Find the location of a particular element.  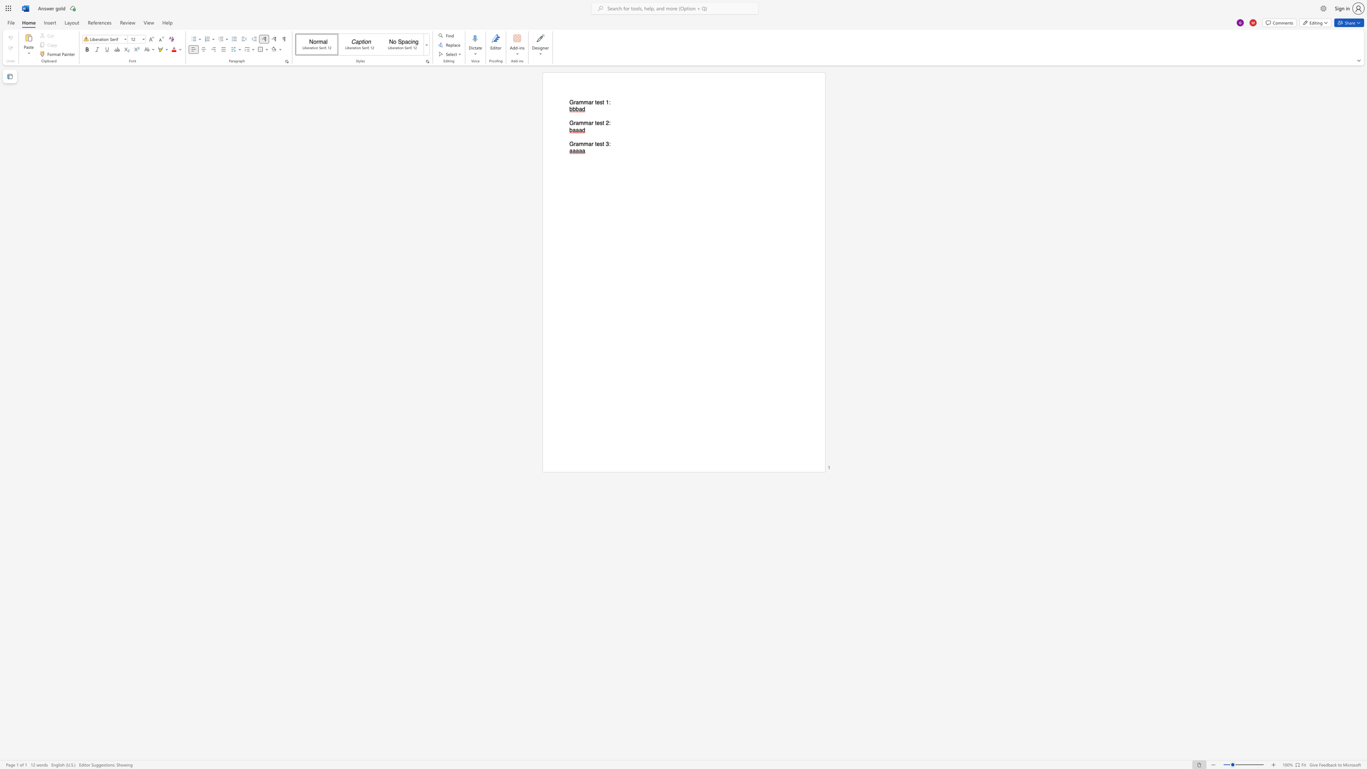

the 1th character ":" in the text is located at coordinates (609, 102).